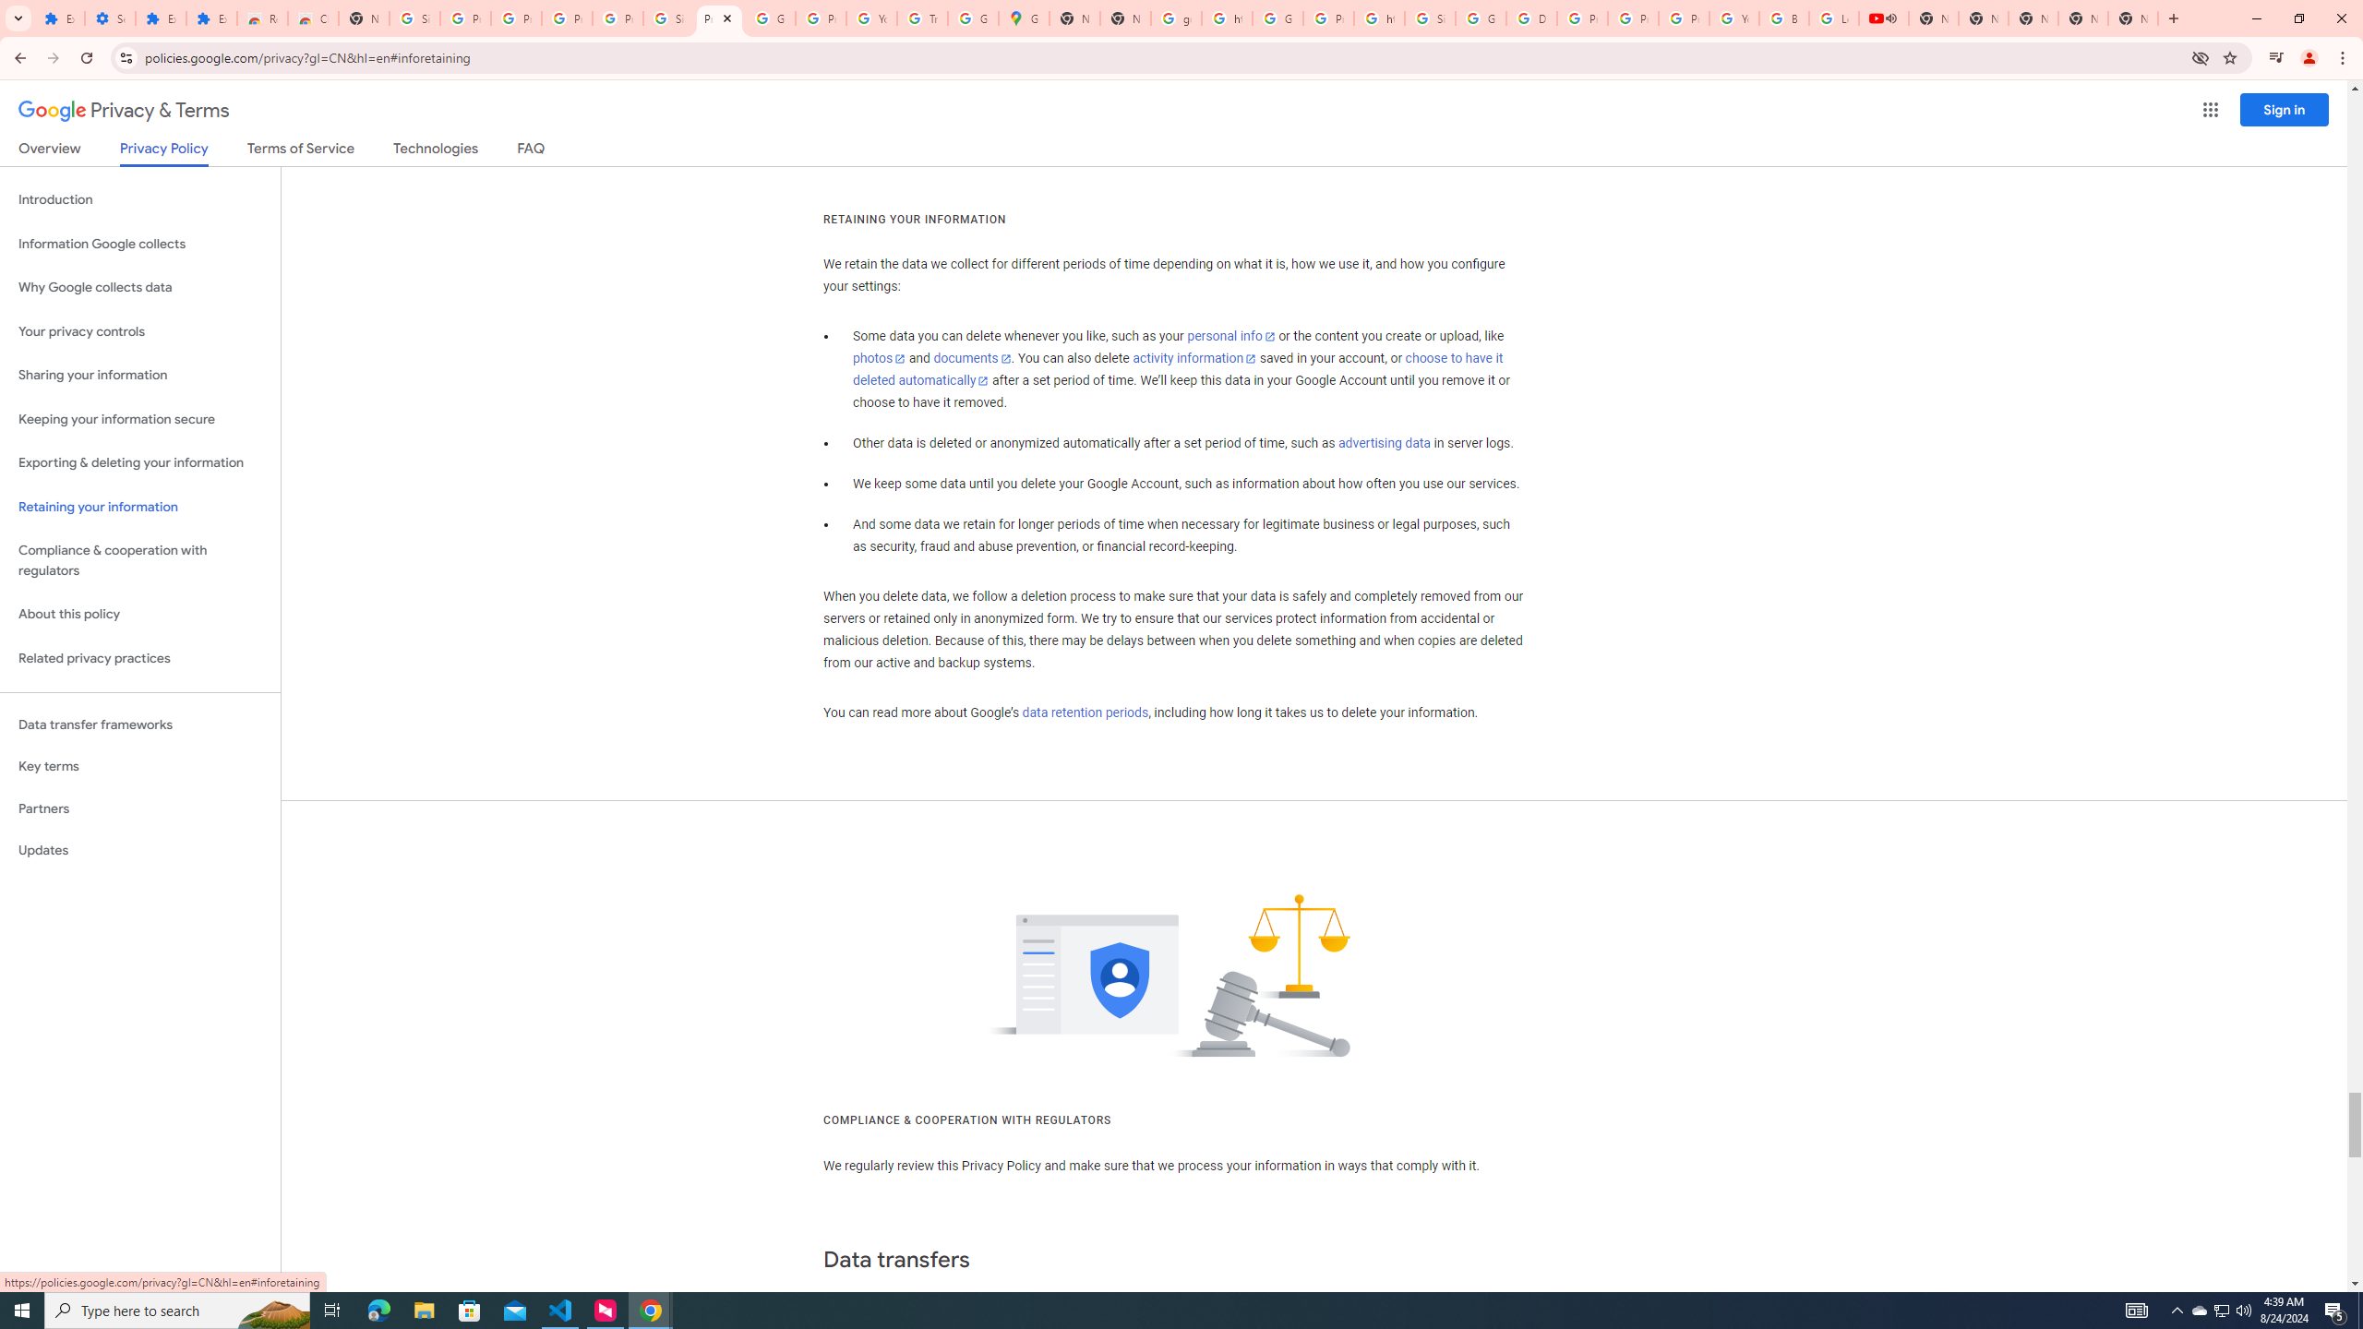 This screenshot has width=2363, height=1329. What do you see at coordinates (1177, 370) in the screenshot?
I see `'choose to have it deleted automatically'` at bounding box center [1177, 370].